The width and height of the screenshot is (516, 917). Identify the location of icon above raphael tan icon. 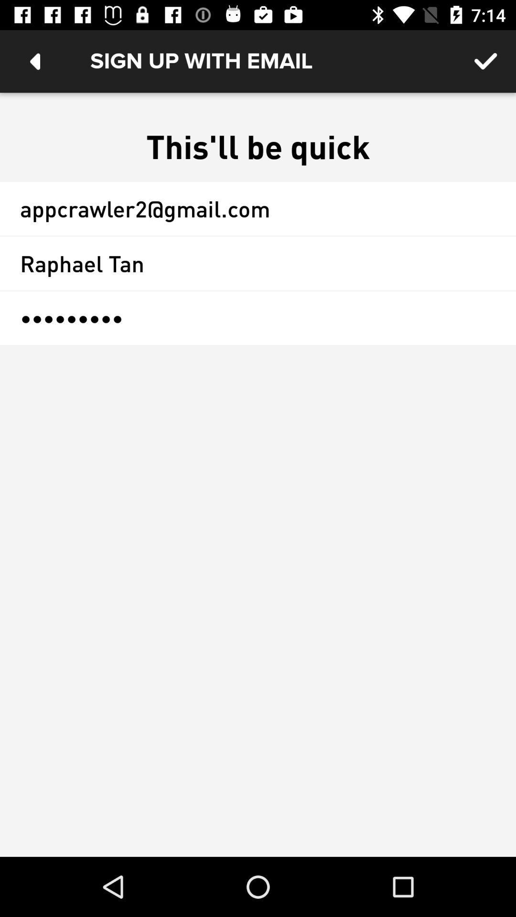
(258, 208).